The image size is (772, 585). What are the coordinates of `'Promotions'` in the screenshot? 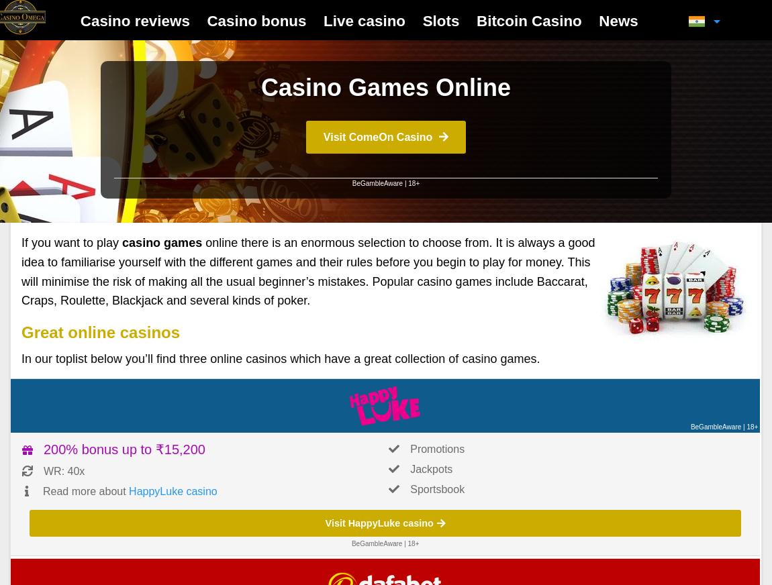 It's located at (436, 448).